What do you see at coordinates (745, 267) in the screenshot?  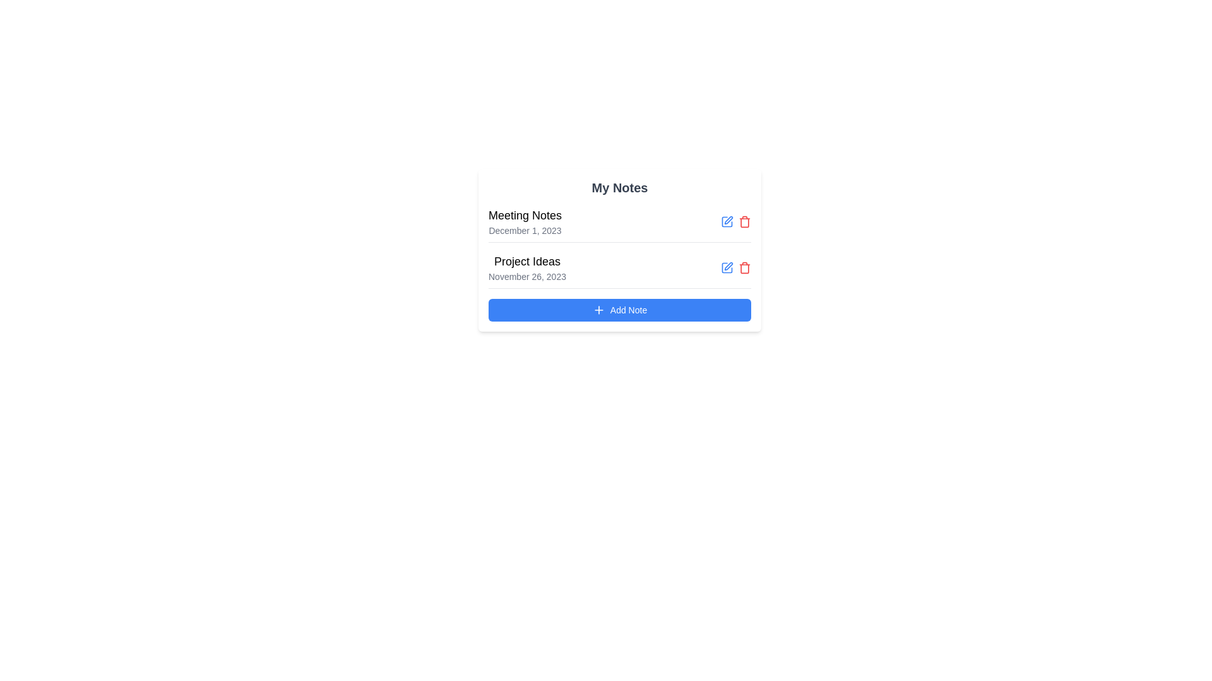 I see `the delete icon located directly to the right of the text 'Project Ideas' in the second row of the notes list` at bounding box center [745, 267].